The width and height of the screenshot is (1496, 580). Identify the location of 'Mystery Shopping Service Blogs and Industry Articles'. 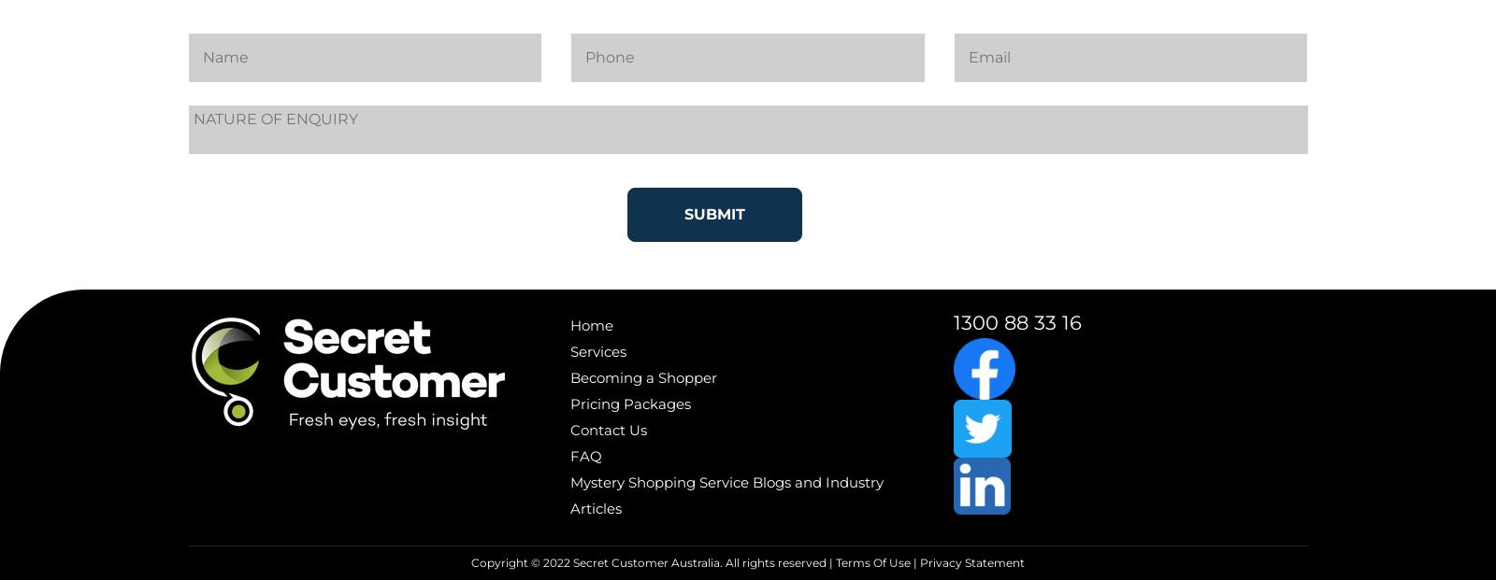
(569, 494).